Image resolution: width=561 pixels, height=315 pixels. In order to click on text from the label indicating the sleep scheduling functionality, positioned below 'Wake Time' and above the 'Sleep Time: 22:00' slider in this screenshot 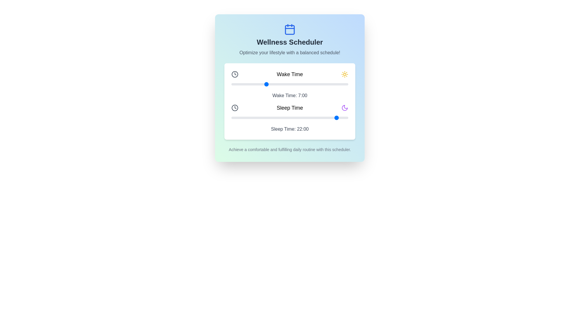, I will do `click(290, 108)`.